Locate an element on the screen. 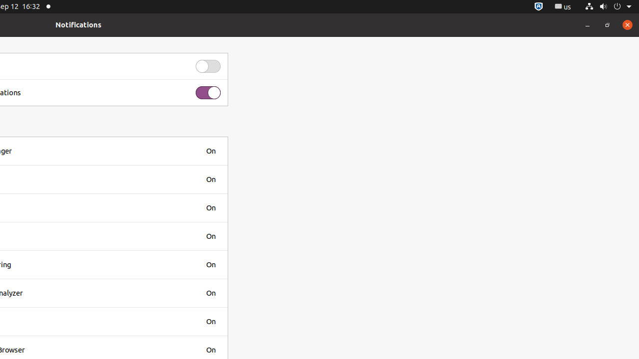  'Close' is located at coordinates (627, 24).